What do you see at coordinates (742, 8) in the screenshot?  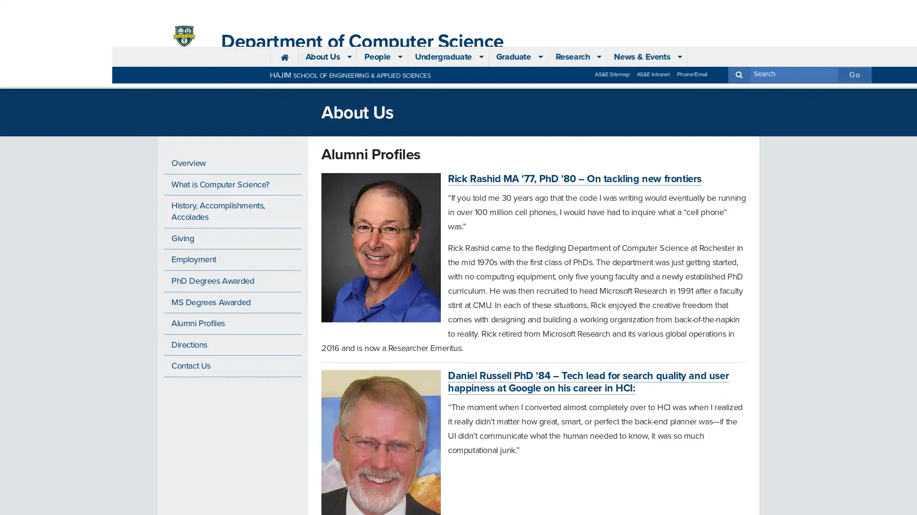 I see `Go` at bounding box center [742, 8].